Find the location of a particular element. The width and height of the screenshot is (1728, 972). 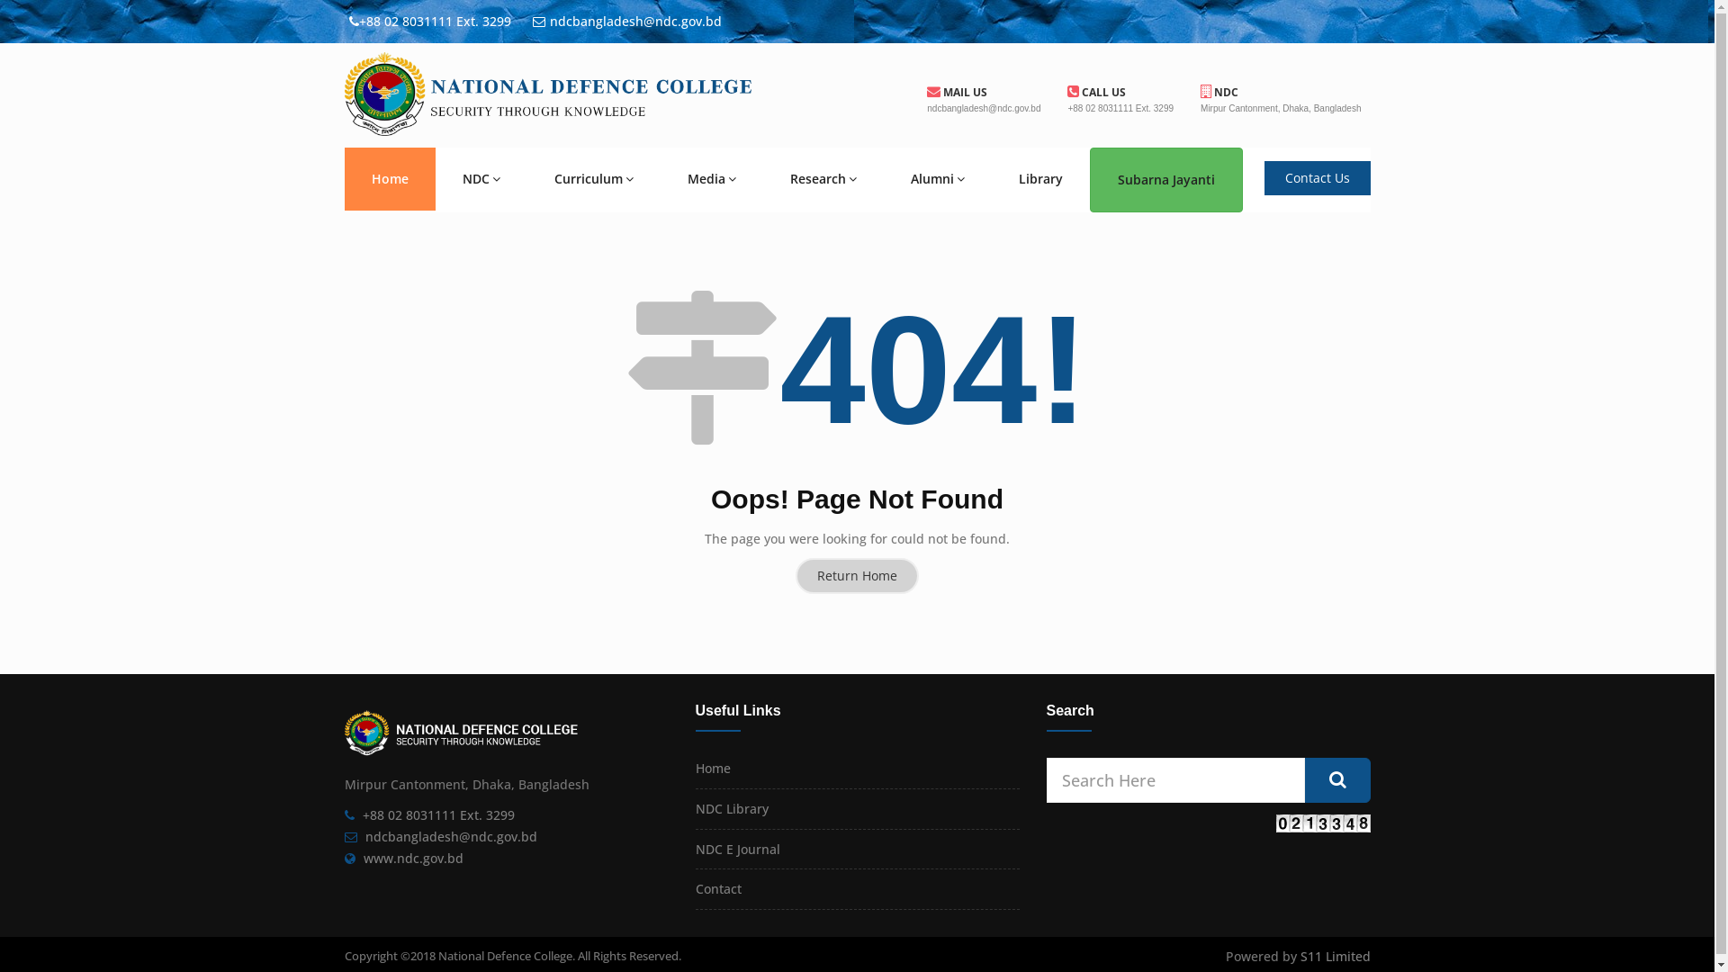

'NDC' is located at coordinates (481, 179).